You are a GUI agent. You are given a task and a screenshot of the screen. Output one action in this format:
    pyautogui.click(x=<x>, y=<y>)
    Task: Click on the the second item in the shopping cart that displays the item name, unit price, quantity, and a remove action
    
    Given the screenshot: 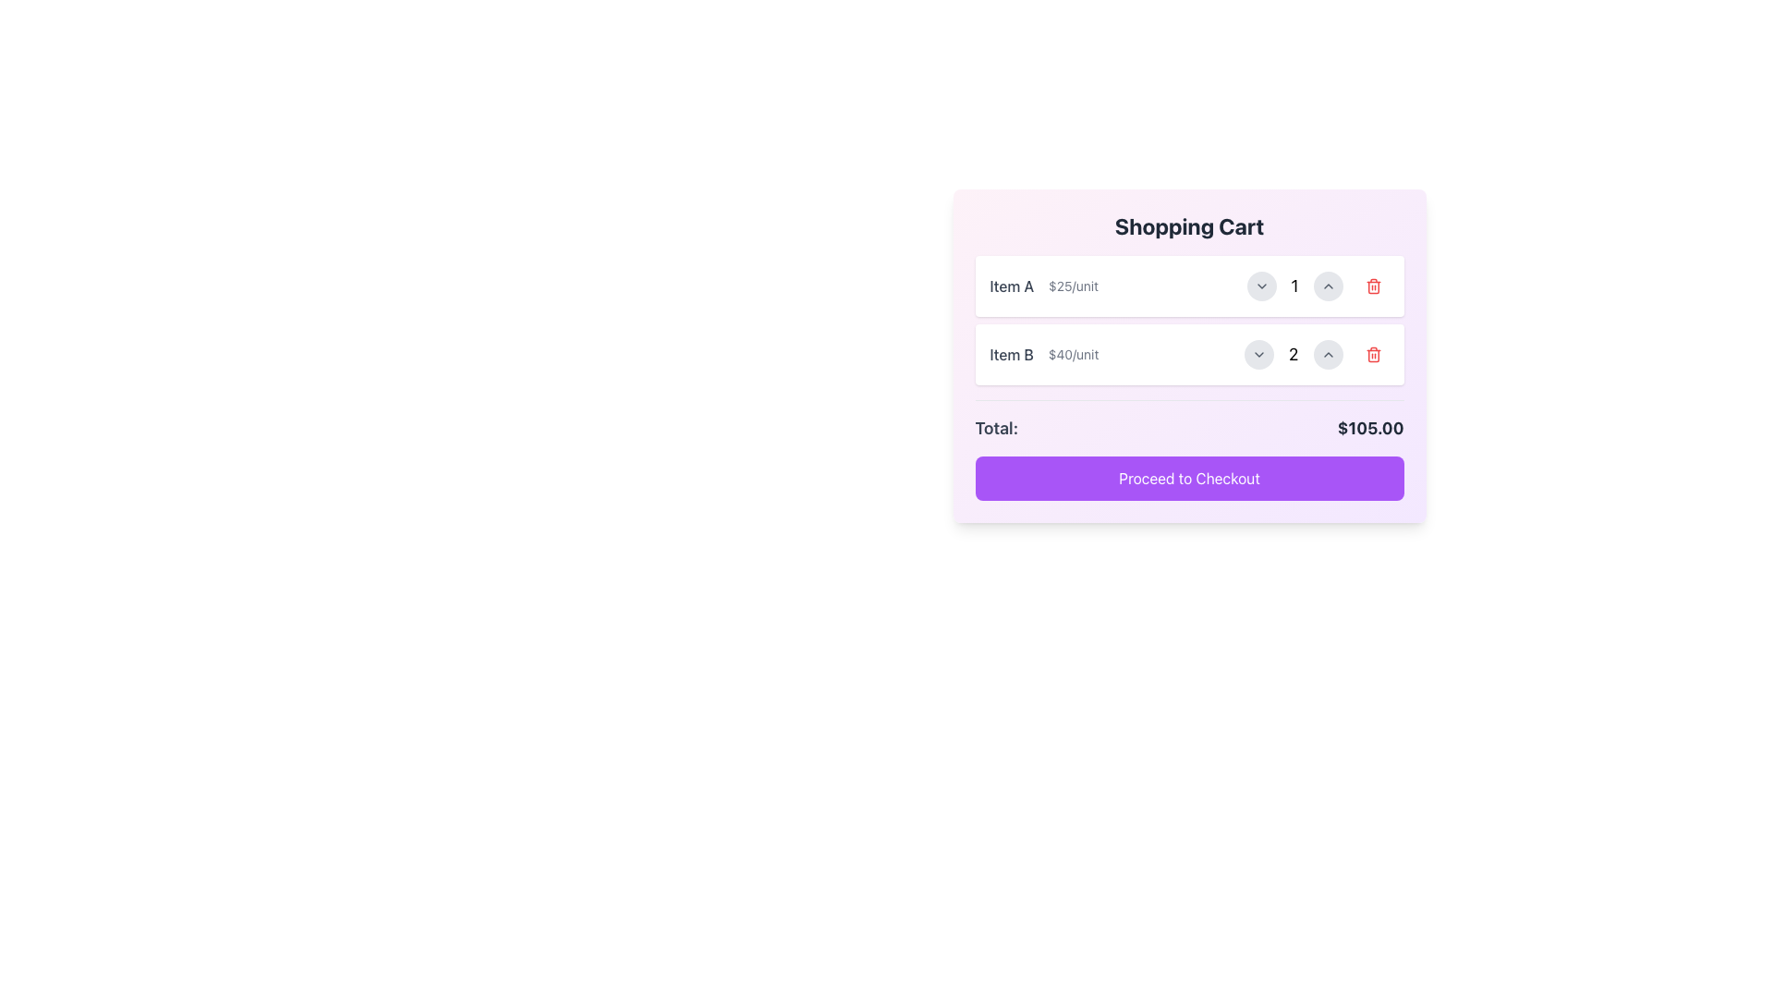 What is the action you would take?
    pyautogui.click(x=1189, y=355)
    